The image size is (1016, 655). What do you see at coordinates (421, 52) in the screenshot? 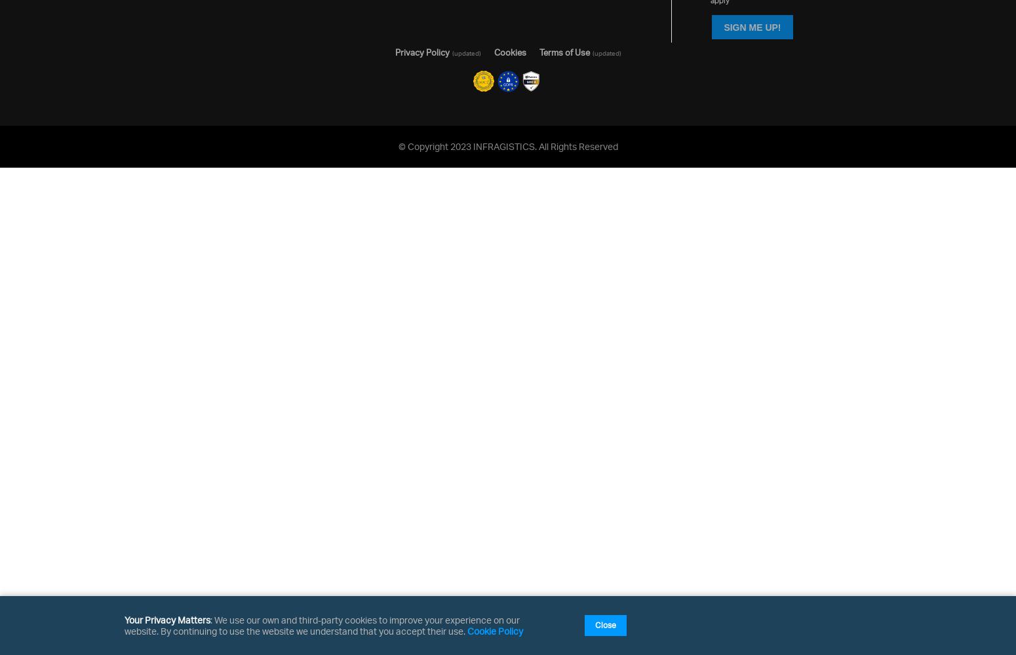
I see `'Privacy Policy'` at bounding box center [421, 52].